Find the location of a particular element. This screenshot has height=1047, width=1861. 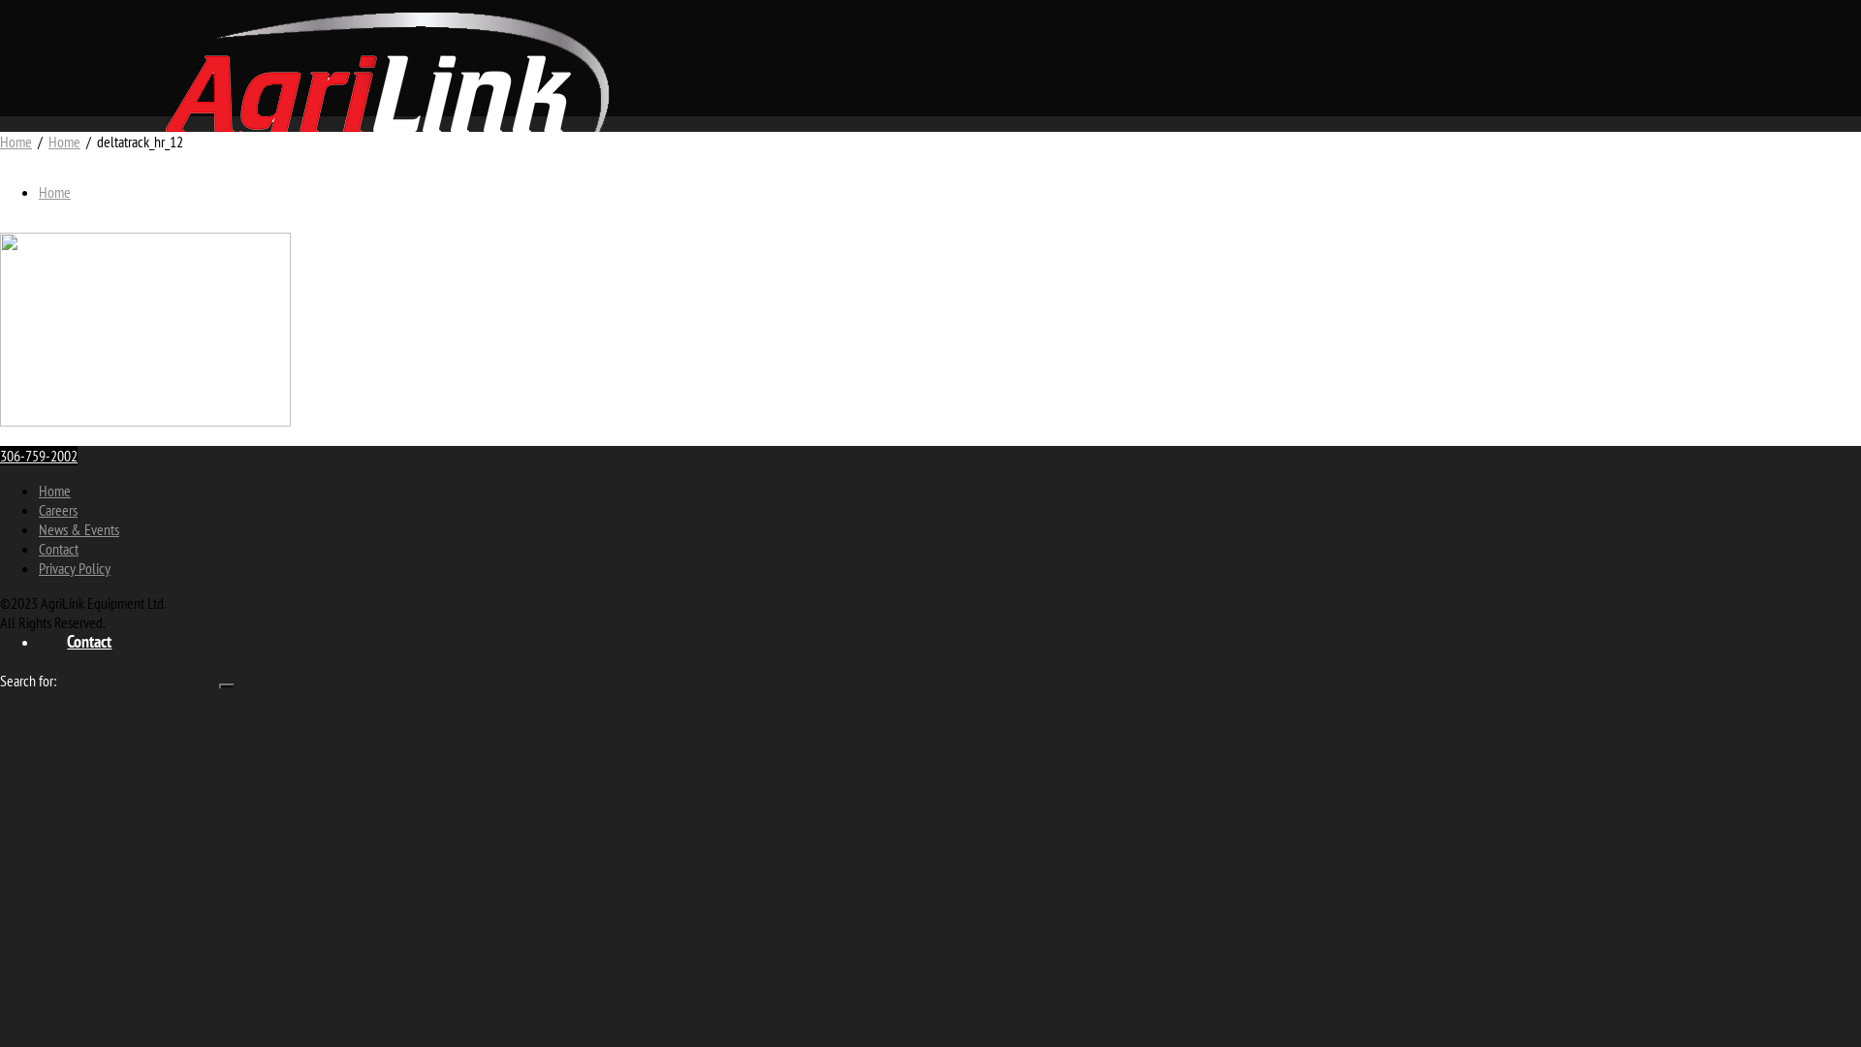

'Home' is located at coordinates (64, 141).